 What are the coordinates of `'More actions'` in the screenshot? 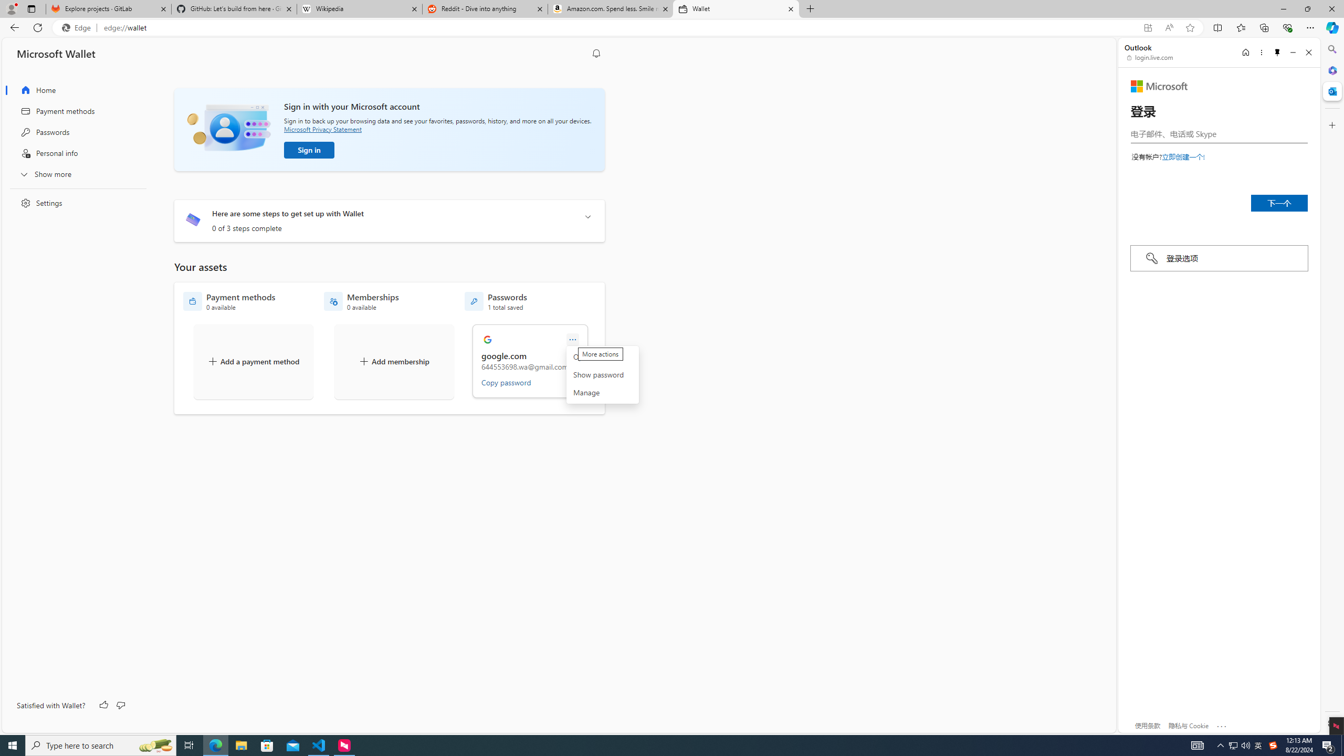 It's located at (601, 374).